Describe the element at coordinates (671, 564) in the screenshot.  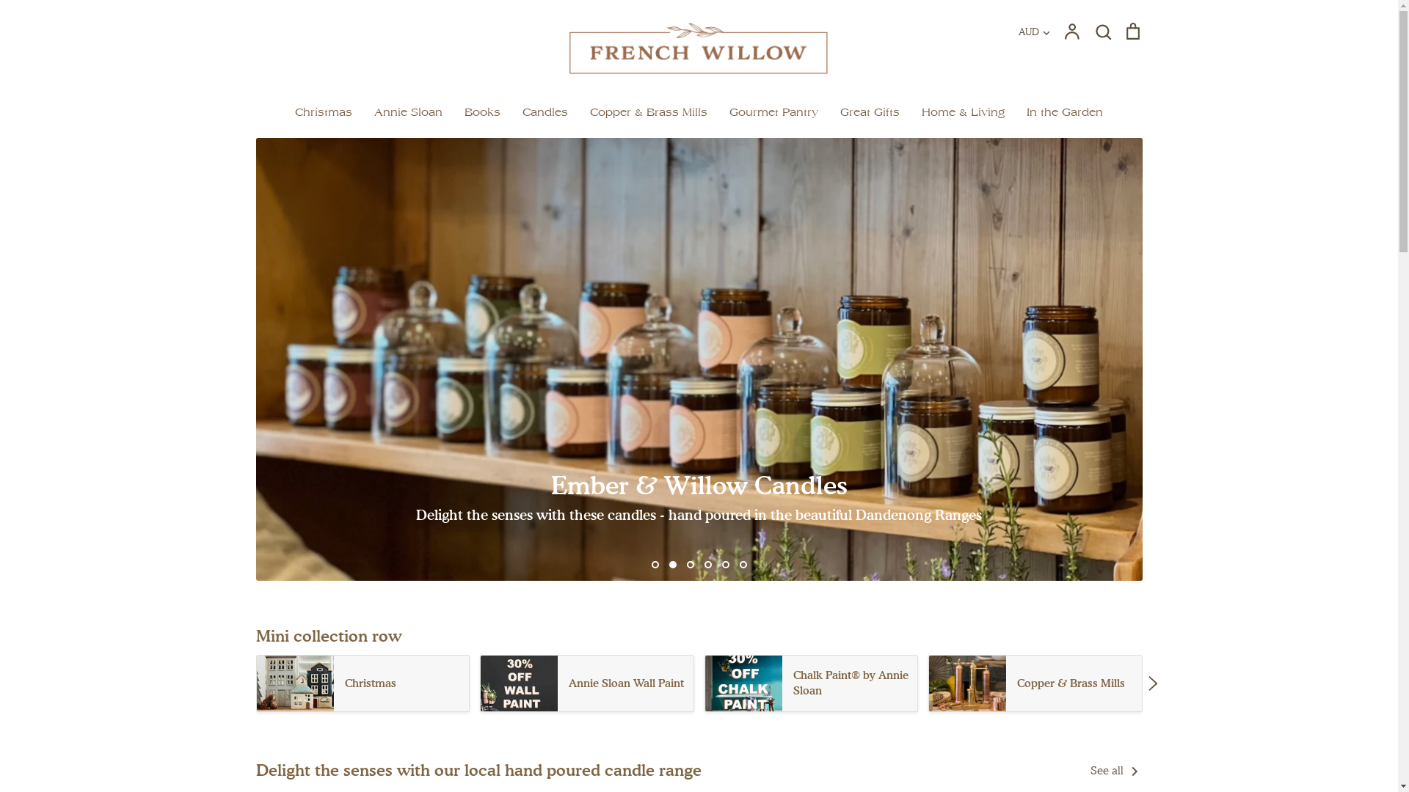
I see `'2'` at that location.